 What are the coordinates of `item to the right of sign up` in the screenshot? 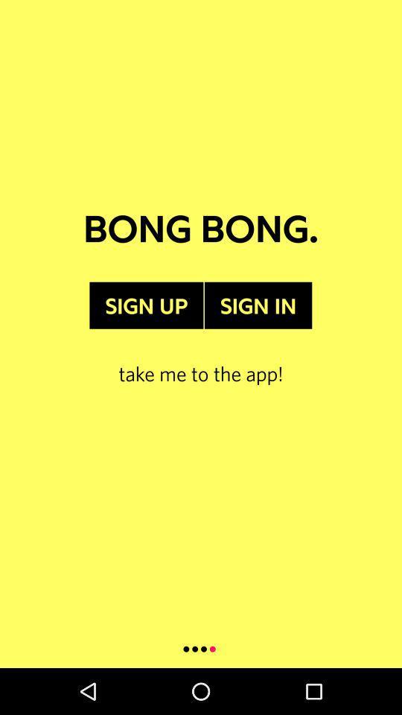 It's located at (258, 305).